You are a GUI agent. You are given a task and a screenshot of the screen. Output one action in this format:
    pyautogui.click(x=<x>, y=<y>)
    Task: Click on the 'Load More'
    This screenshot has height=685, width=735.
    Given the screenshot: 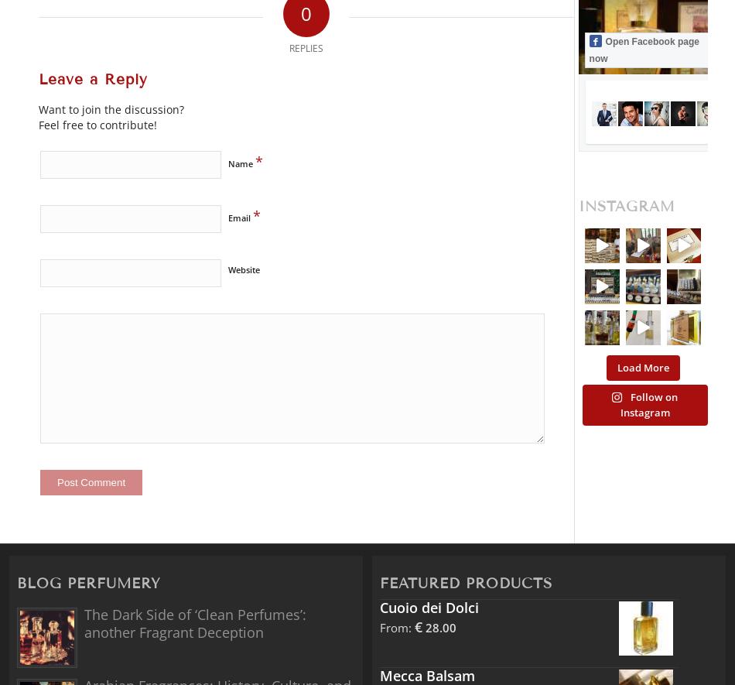 What is the action you would take?
    pyautogui.click(x=641, y=366)
    